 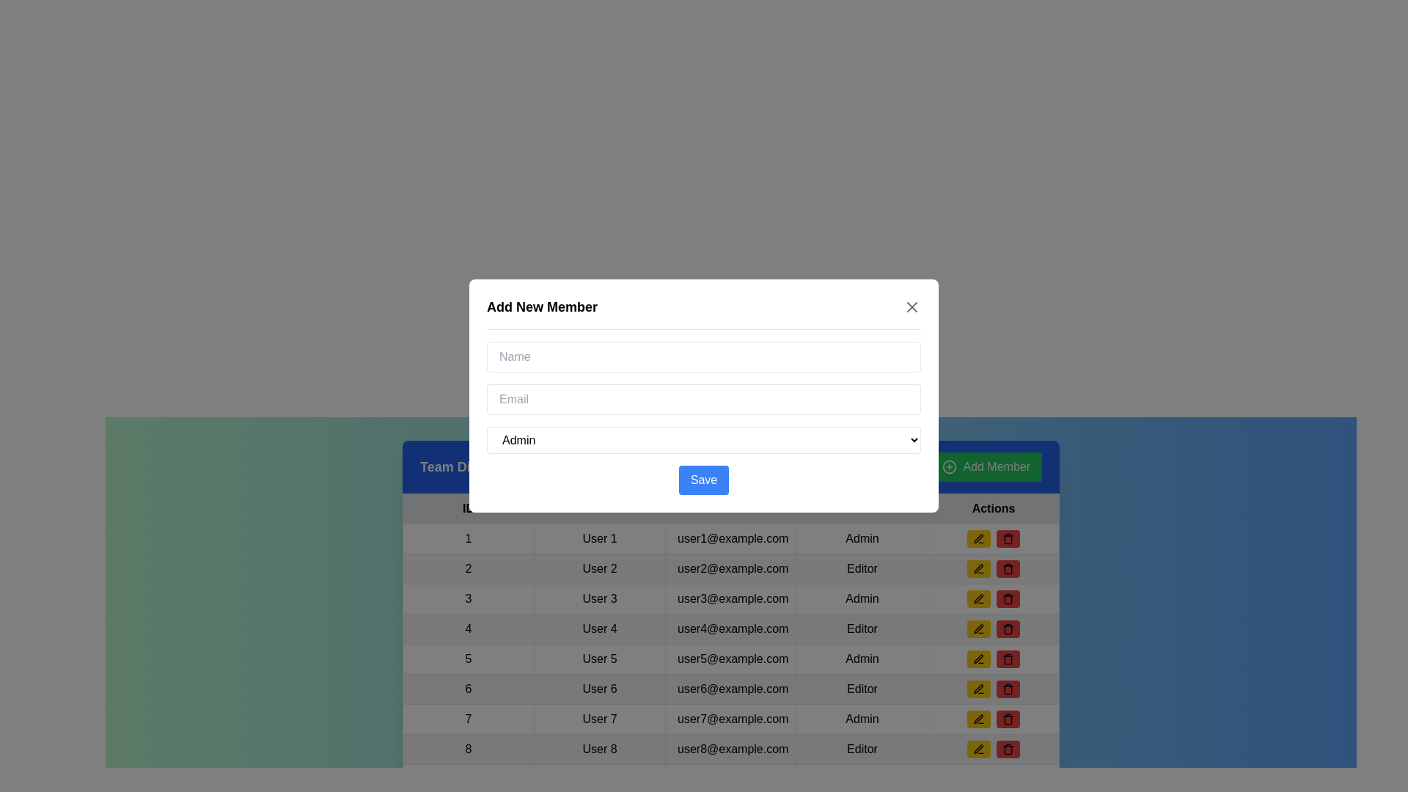 I want to click on the table cell displaying the user's name located in the second column of the third row within the user details table, so click(x=599, y=599).